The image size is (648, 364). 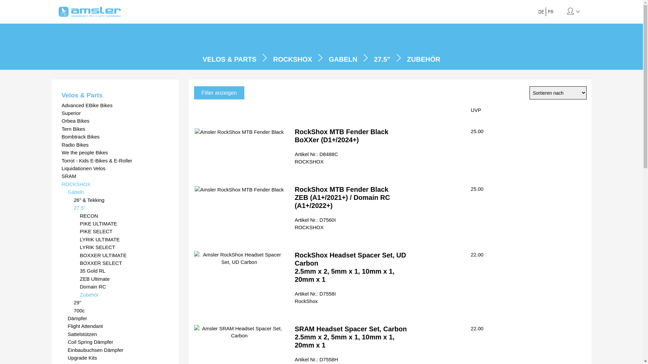 What do you see at coordinates (115, 152) in the screenshot?
I see `'We the people Bikes'` at bounding box center [115, 152].